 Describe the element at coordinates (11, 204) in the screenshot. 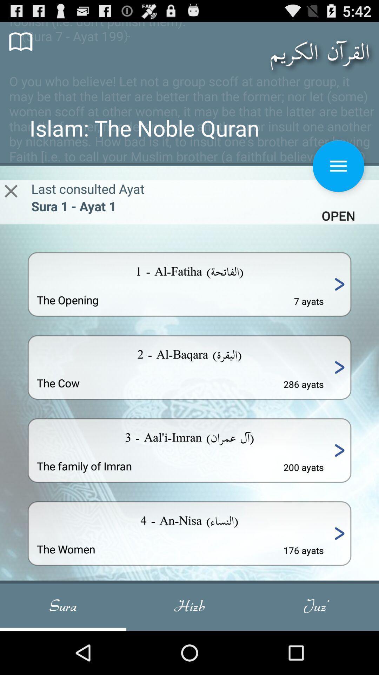

I see `the close icon` at that location.